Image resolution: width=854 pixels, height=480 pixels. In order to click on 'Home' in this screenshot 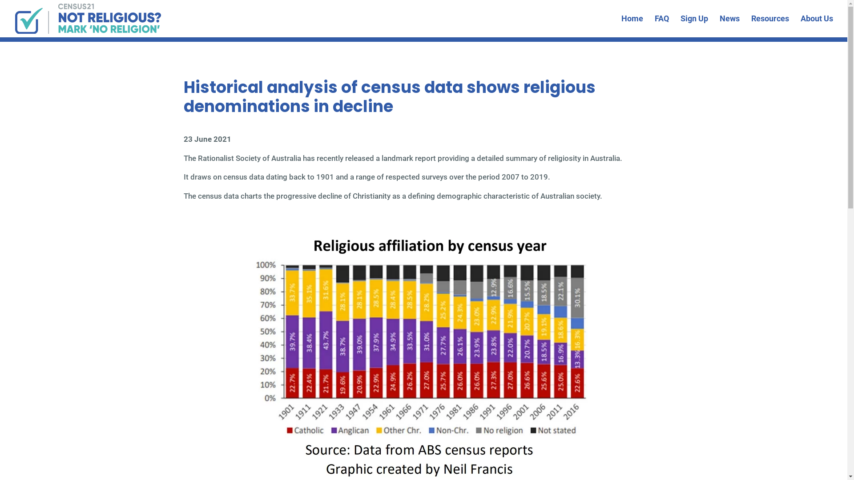, I will do `click(632, 26)`.